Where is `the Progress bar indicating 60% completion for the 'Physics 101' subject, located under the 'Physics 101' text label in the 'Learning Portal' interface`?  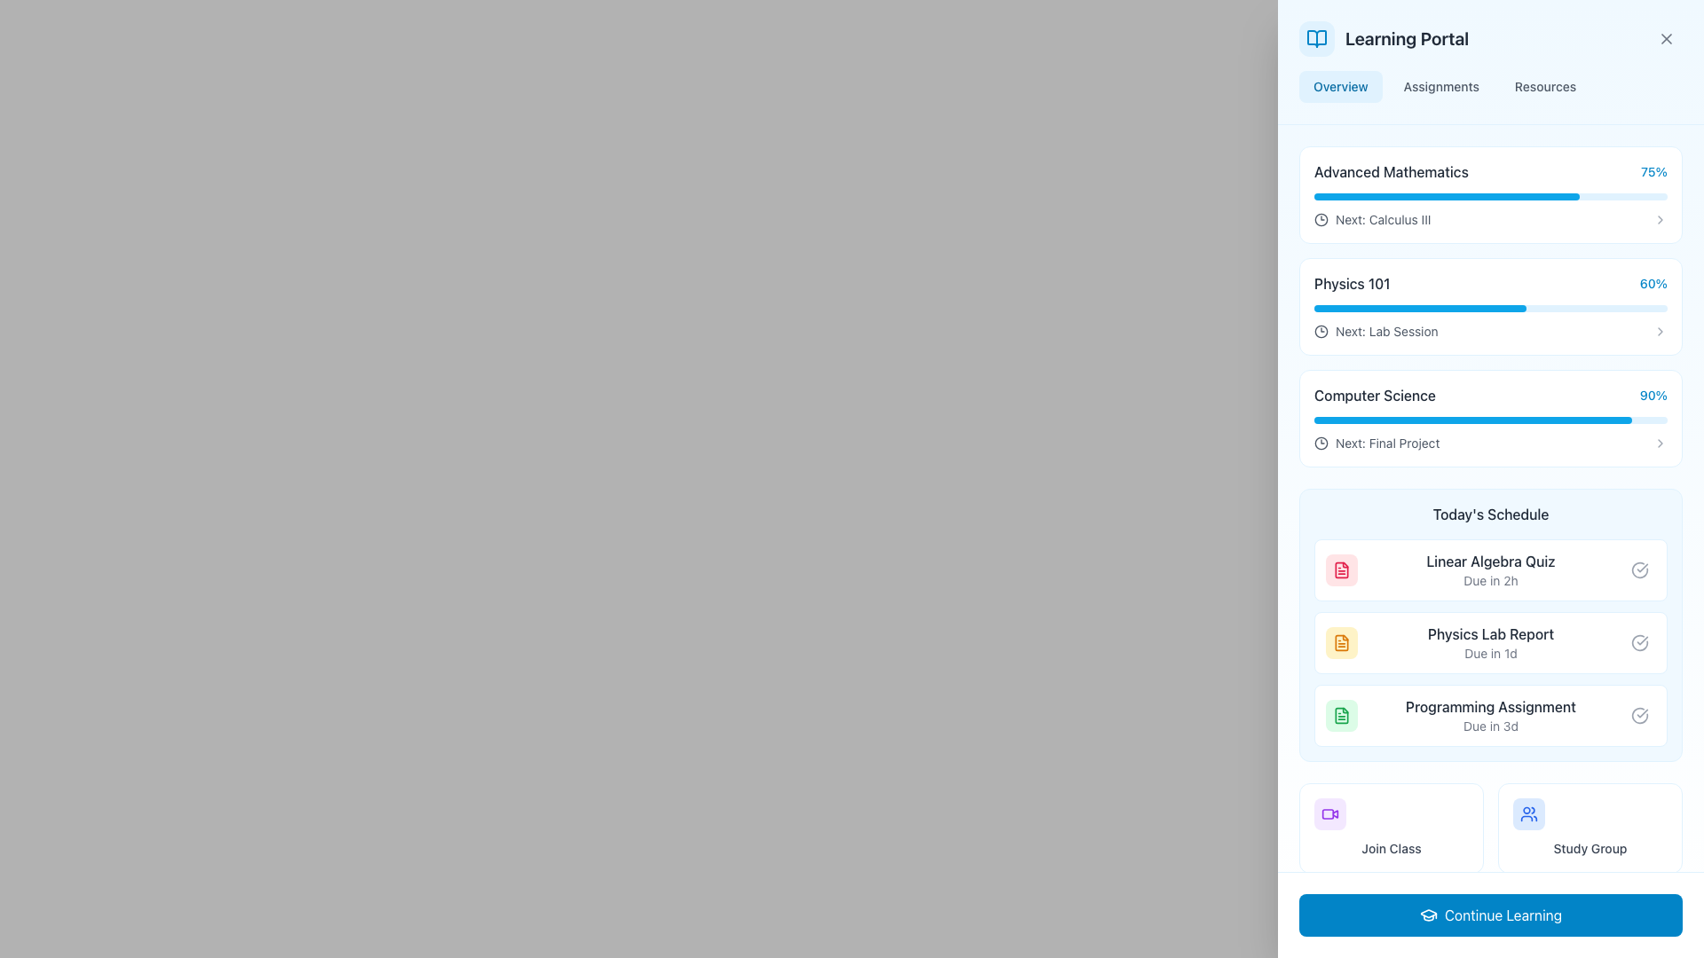 the Progress bar indicating 60% completion for the 'Physics 101' subject, located under the 'Physics 101' text label in the 'Learning Portal' interface is located at coordinates (1420, 307).